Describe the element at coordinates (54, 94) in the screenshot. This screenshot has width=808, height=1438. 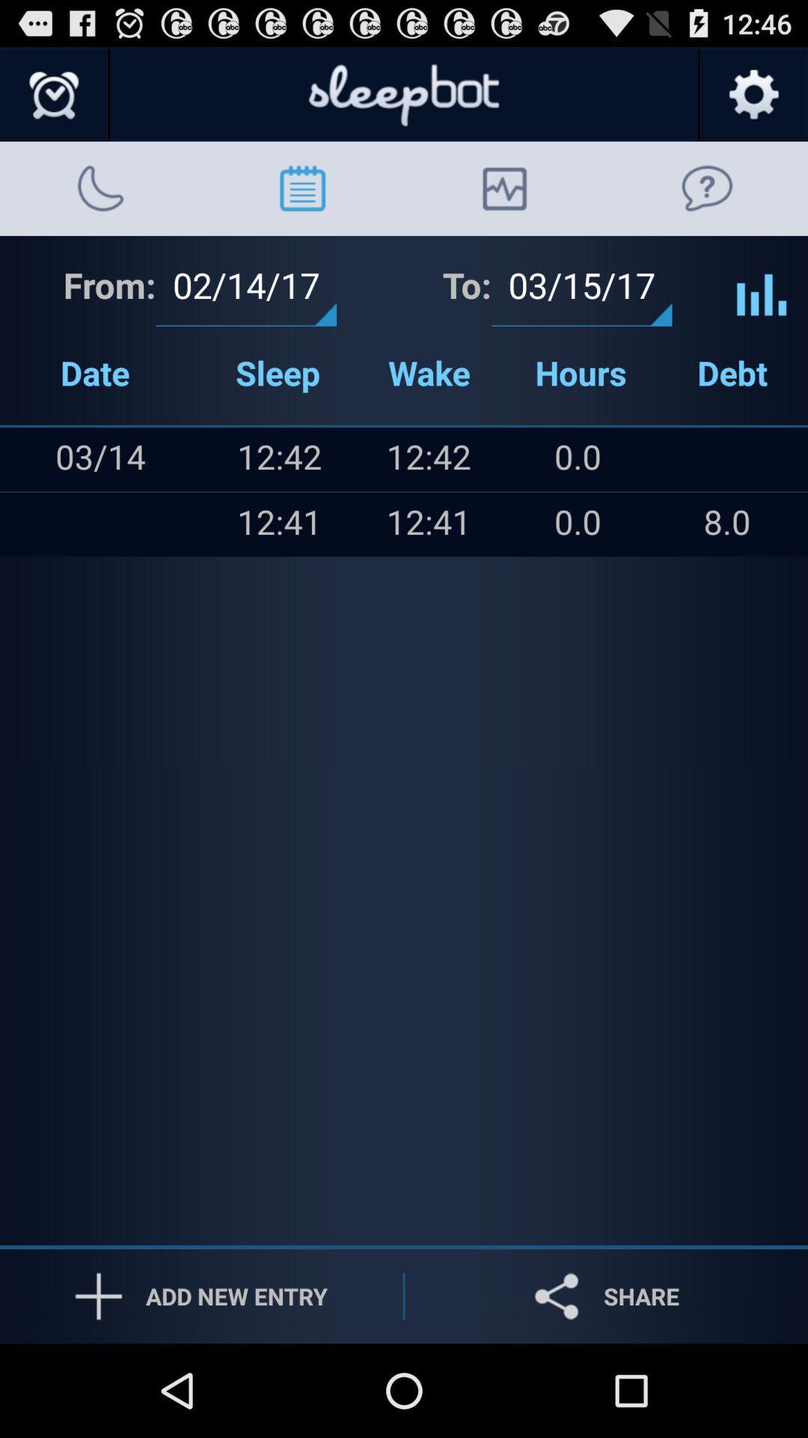
I see `shows clock icon` at that location.